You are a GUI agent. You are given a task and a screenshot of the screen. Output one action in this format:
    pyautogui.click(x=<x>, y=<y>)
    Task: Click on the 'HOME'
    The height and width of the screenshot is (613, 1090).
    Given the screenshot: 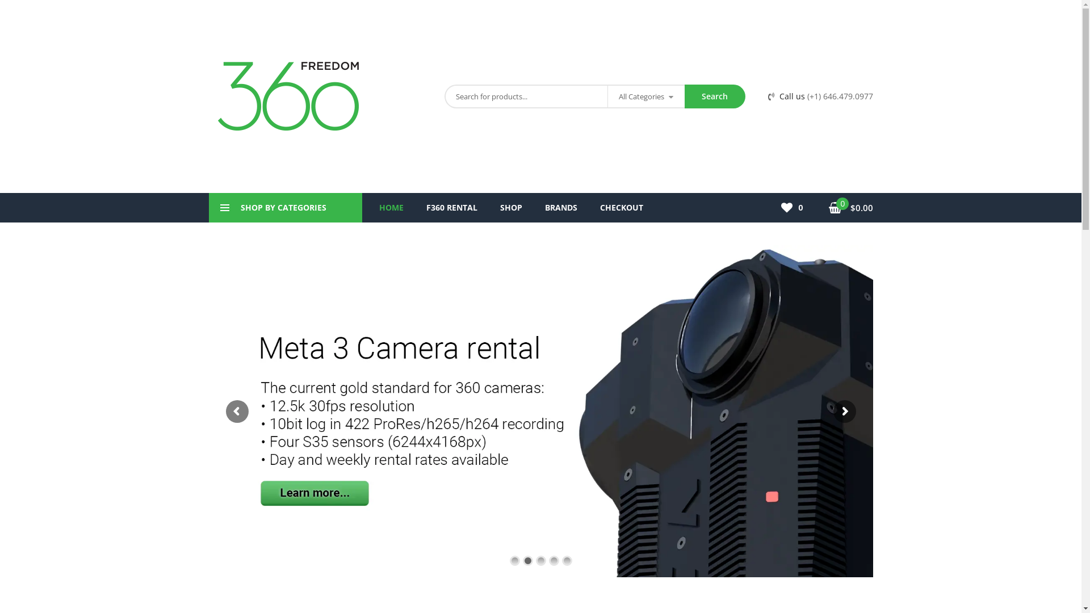 What is the action you would take?
    pyautogui.click(x=391, y=208)
    